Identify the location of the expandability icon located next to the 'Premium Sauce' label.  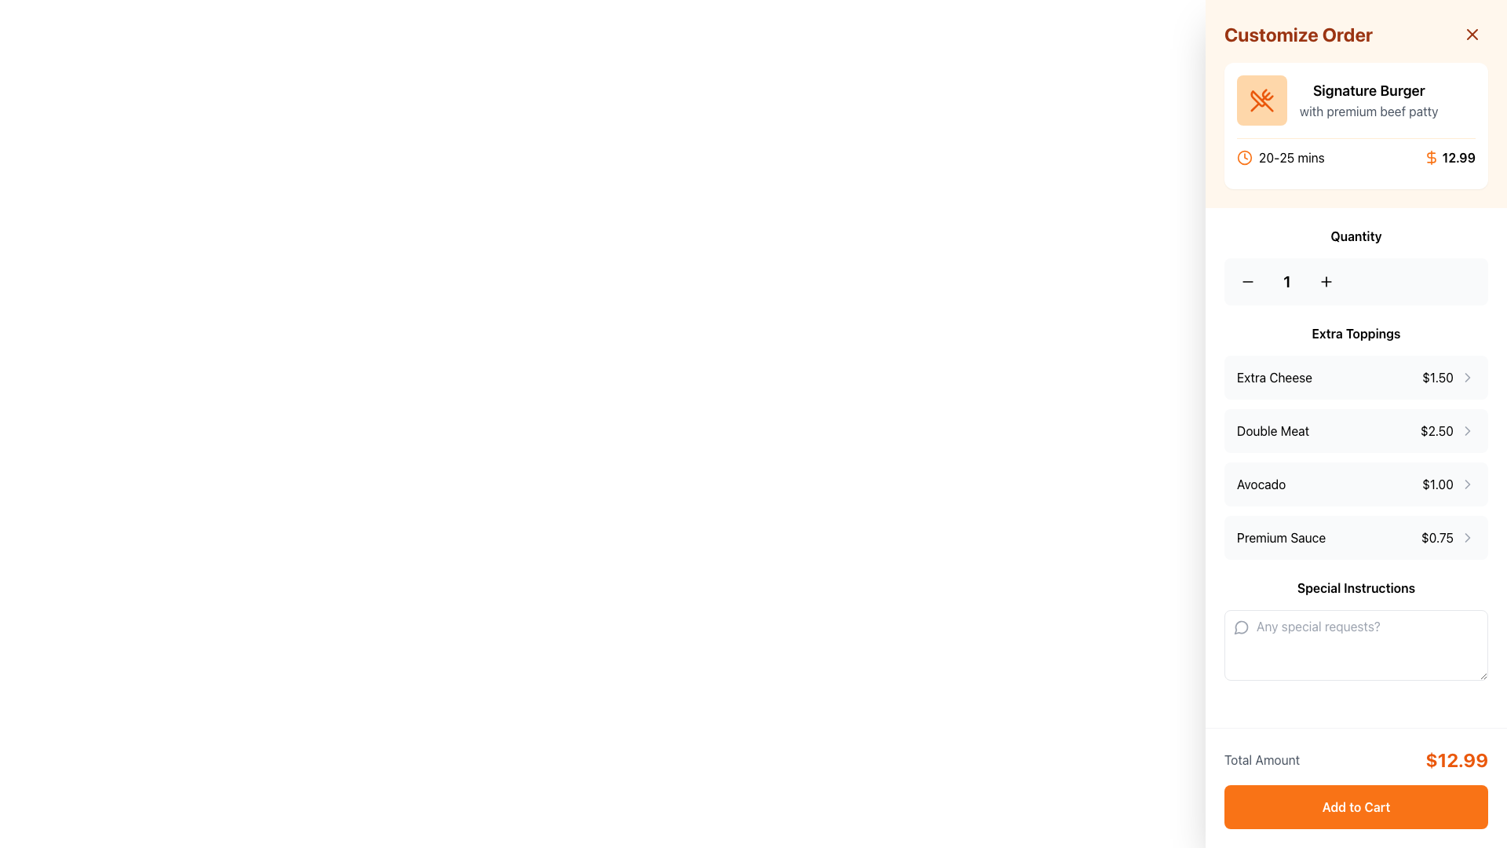
(1467, 537).